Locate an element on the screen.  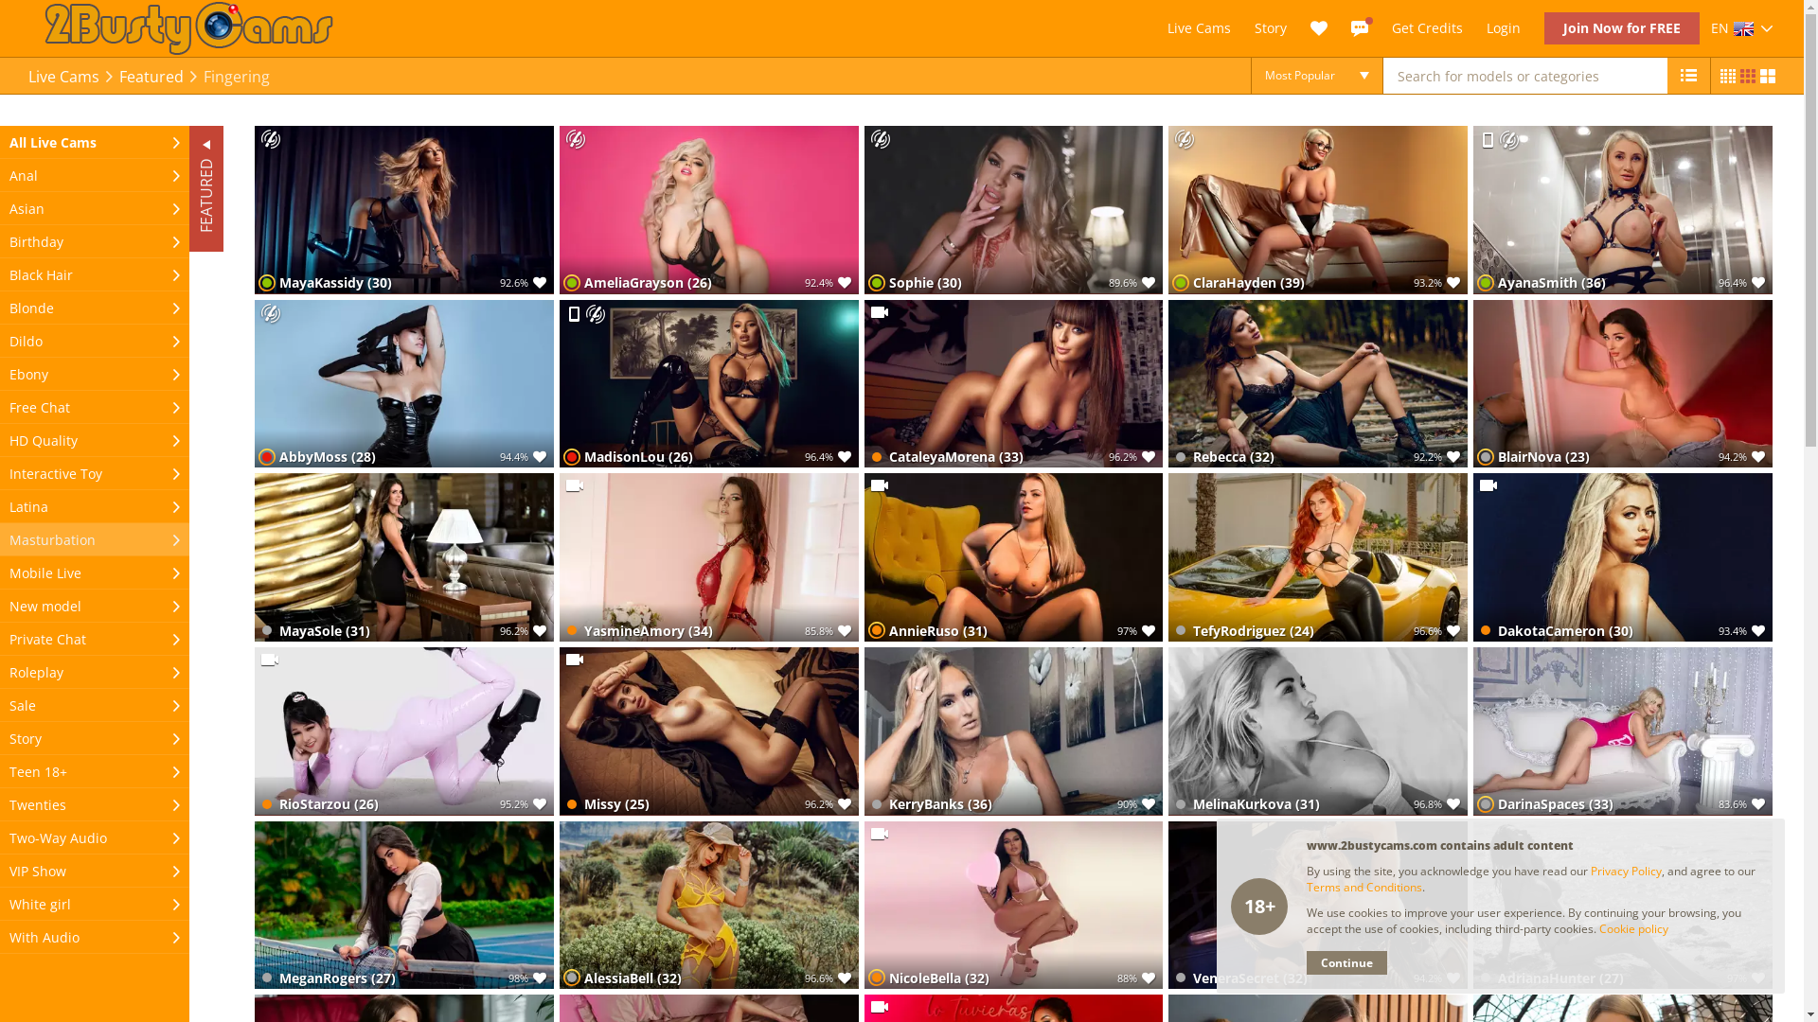
'Continue' is located at coordinates (1346, 962).